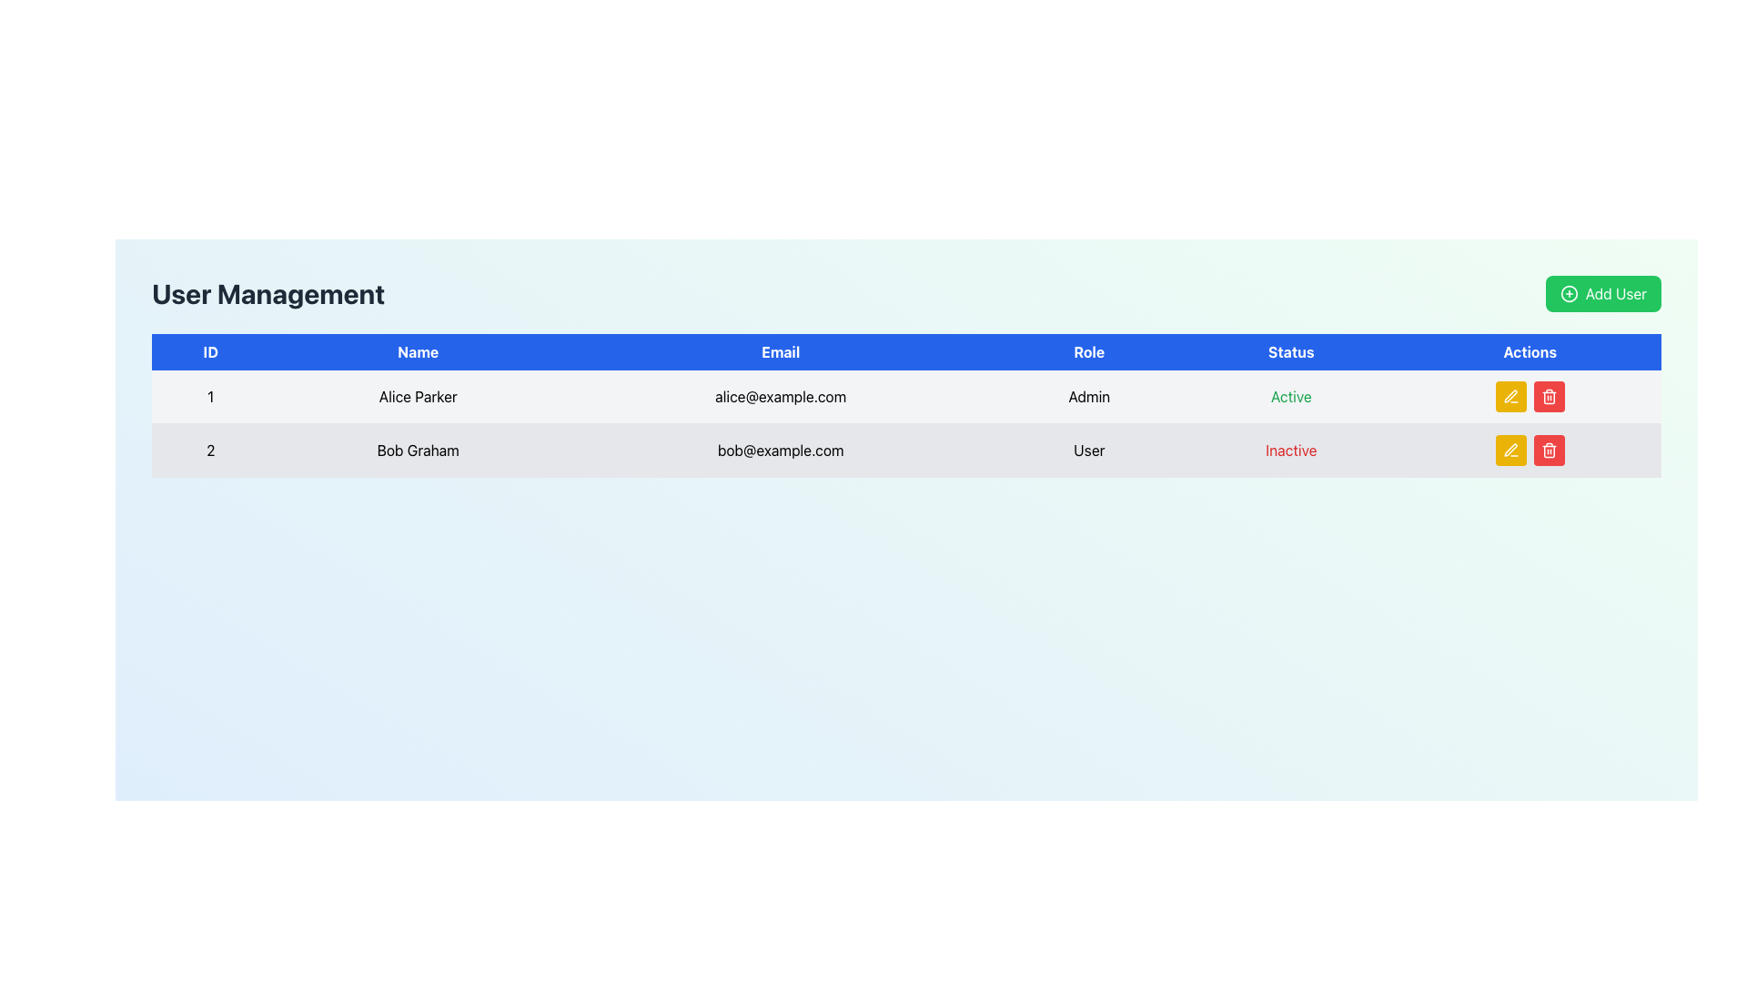  What do you see at coordinates (781, 450) in the screenshot?
I see `the text label displaying the email address 'bob@example.com' in the user management table` at bounding box center [781, 450].